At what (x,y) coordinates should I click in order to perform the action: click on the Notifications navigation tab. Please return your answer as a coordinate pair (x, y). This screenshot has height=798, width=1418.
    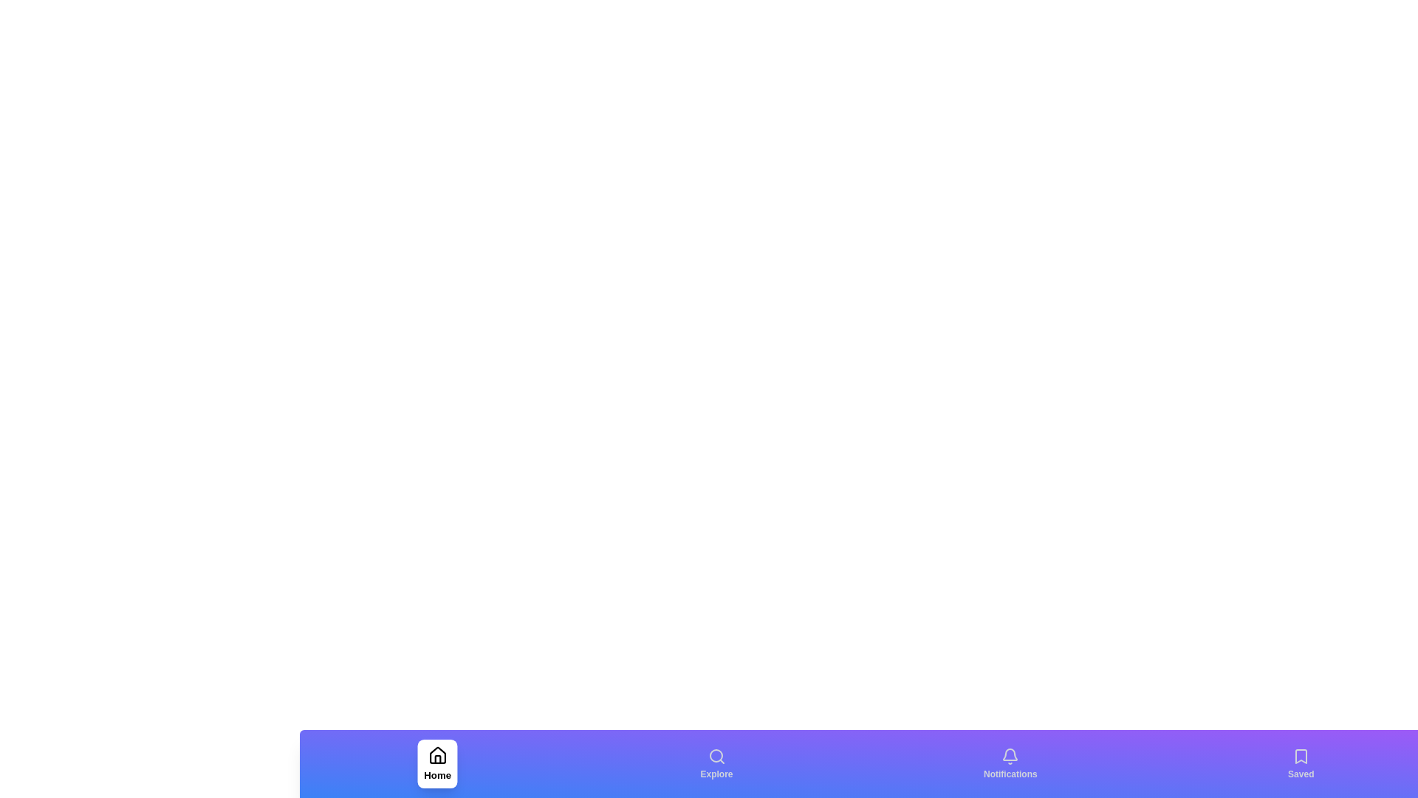
    Looking at the image, I should click on (1010, 763).